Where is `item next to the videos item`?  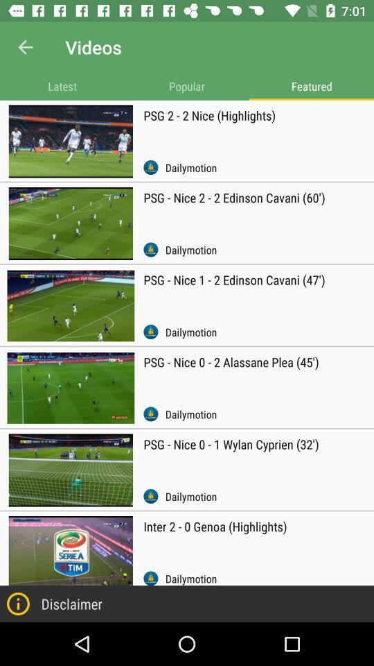 item next to the videos item is located at coordinates (25, 47).